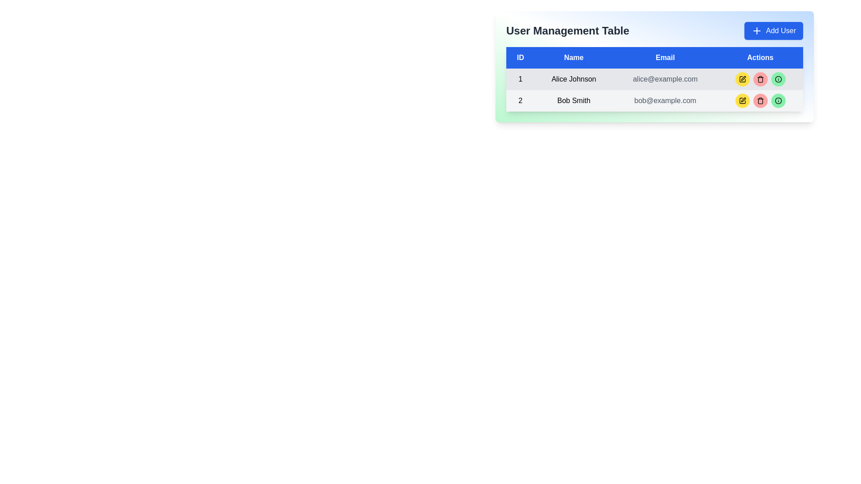  Describe the element at coordinates (665, 79) in the screenshot. I see `the text label displaying 'alice@example.com' located in the 'Email' column of the user management table, adjacent to the 'Name' column with 'Alice Johnson'` at that location.